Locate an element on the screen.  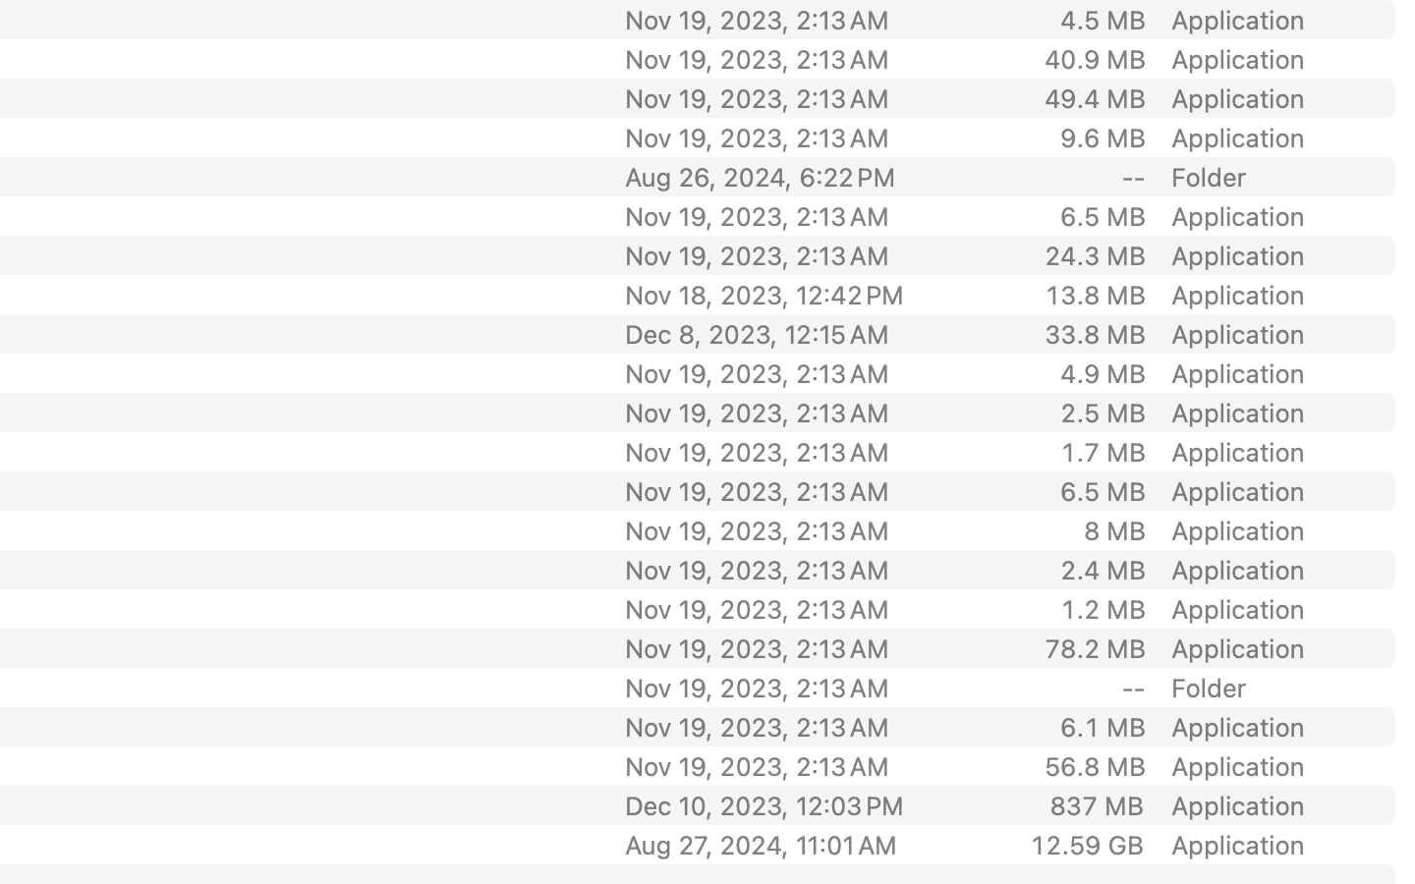
'4.5 MB' is located at coordinates (1102, 18).